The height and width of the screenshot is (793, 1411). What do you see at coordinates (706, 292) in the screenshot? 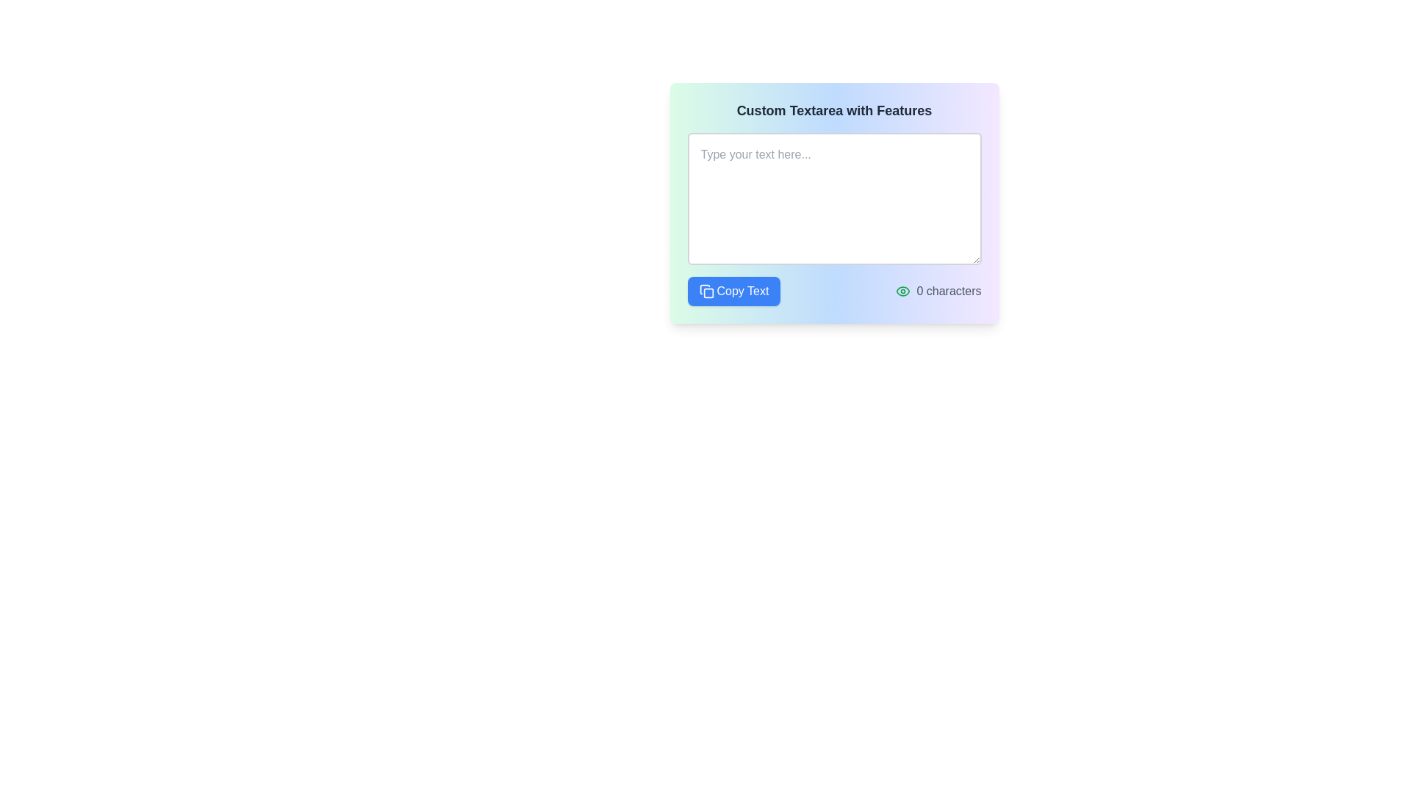
I see `the copy icon located to the left of the 'Copy Text' button at the bottom-left of the card interface` at bounding box center [706, 292].